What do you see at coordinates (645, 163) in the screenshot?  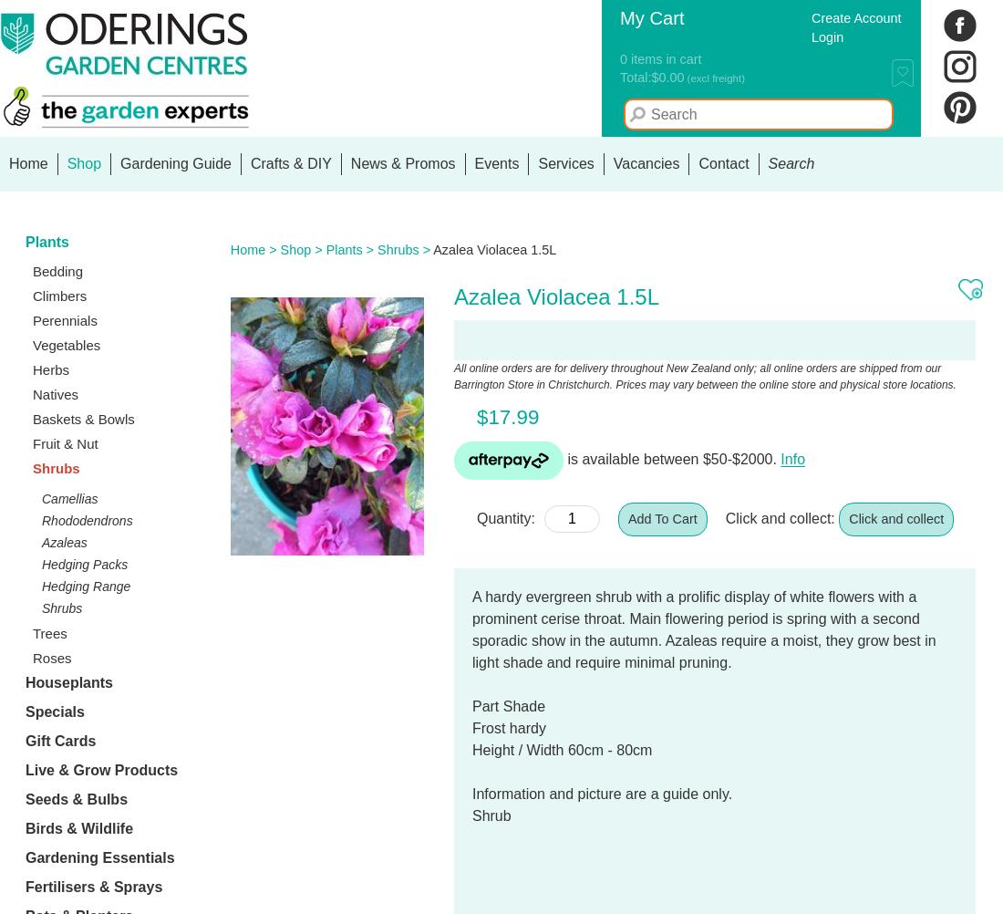 I see `'Vacancies'` at bounding box center [645, 163].